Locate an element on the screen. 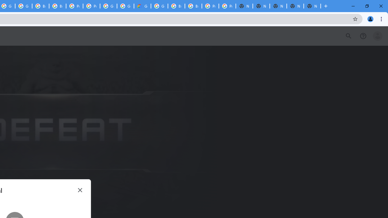  'Google Cloud Platform' is located at coordinates (159, 6).